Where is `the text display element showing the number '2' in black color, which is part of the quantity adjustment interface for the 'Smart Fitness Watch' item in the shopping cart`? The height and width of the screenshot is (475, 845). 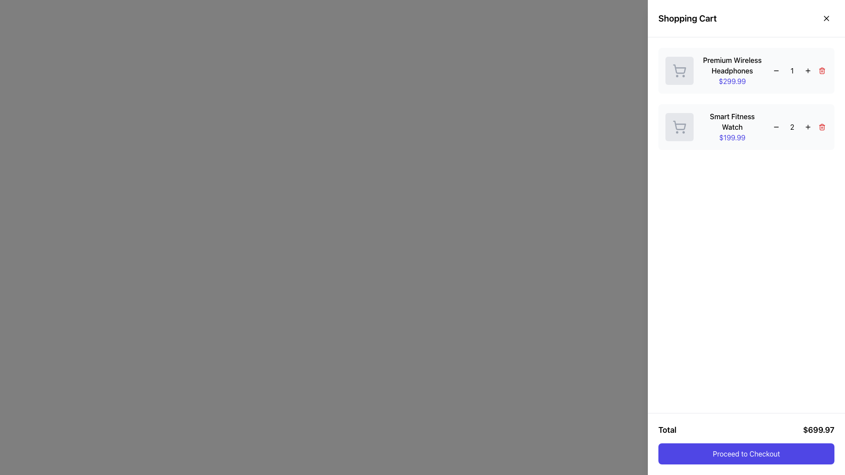 the text display element showing the number '2' in black color, which is part of the quantity adjustment interface for the 'Smart Fitness Watch' item in the shopping cart is located at coordinates (792, 127).